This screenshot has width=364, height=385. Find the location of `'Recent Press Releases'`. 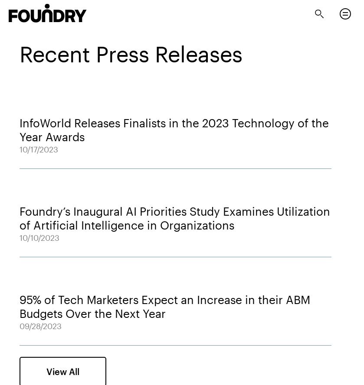

'Recent Press Releases' is located at coordinates (19, 53).